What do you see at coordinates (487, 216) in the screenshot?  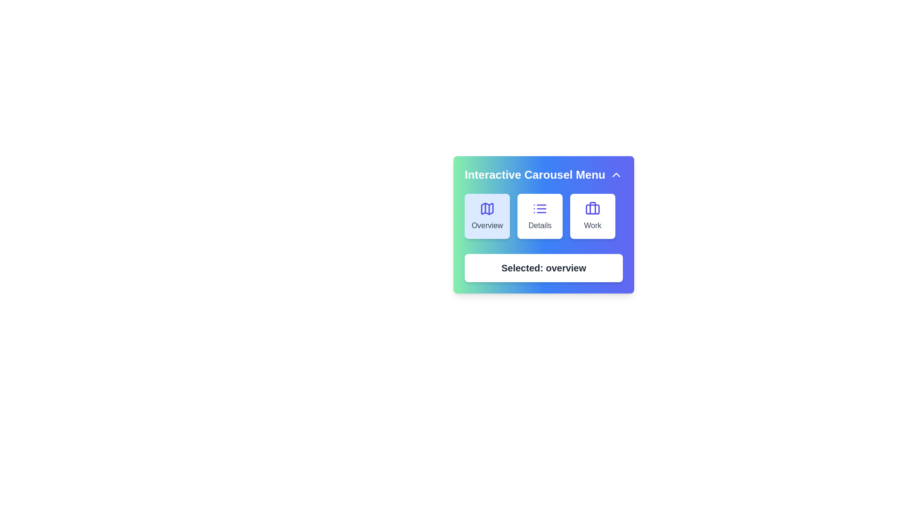 I see `the slide labeled Overview from the carousel` at bounding box center [487, 216].